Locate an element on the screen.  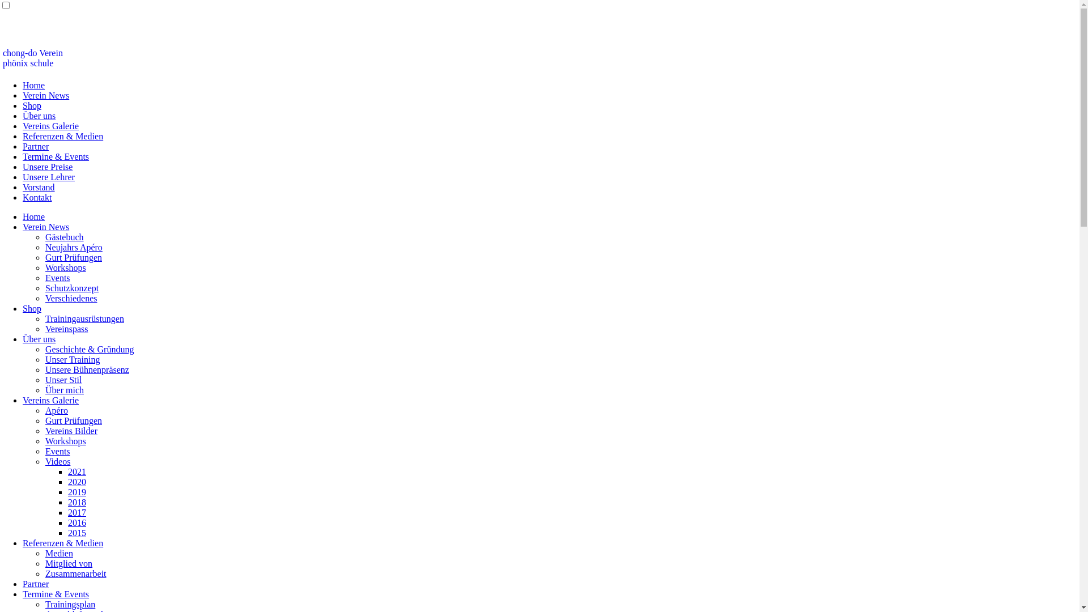
'Mitglied von' is located at coordinates (68, 563).